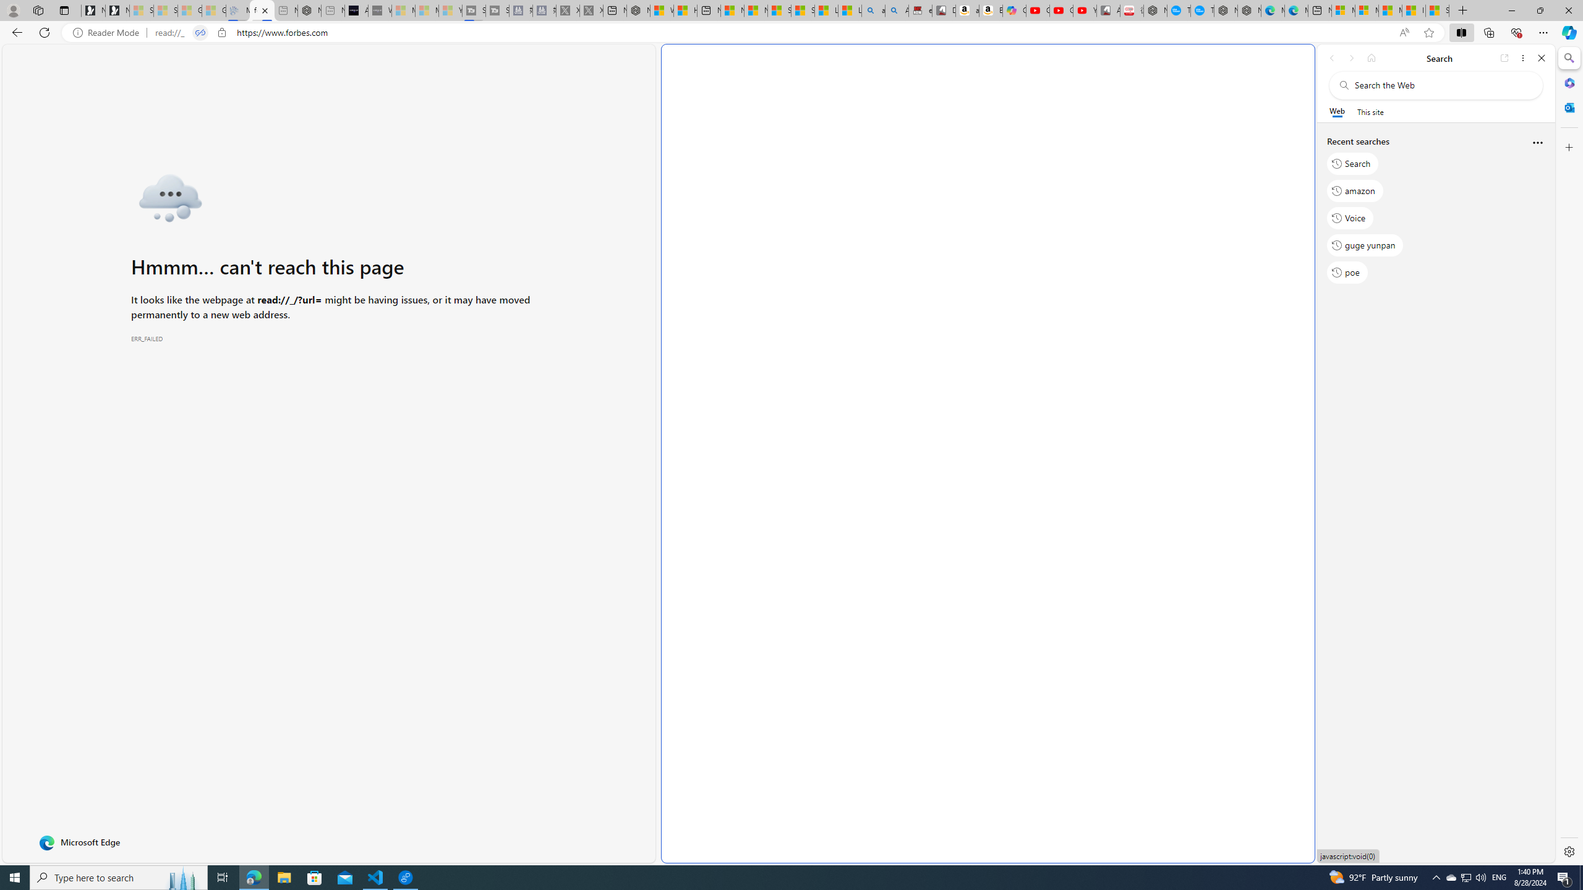  I want to click on 'Copilot', so click(1013, 10).